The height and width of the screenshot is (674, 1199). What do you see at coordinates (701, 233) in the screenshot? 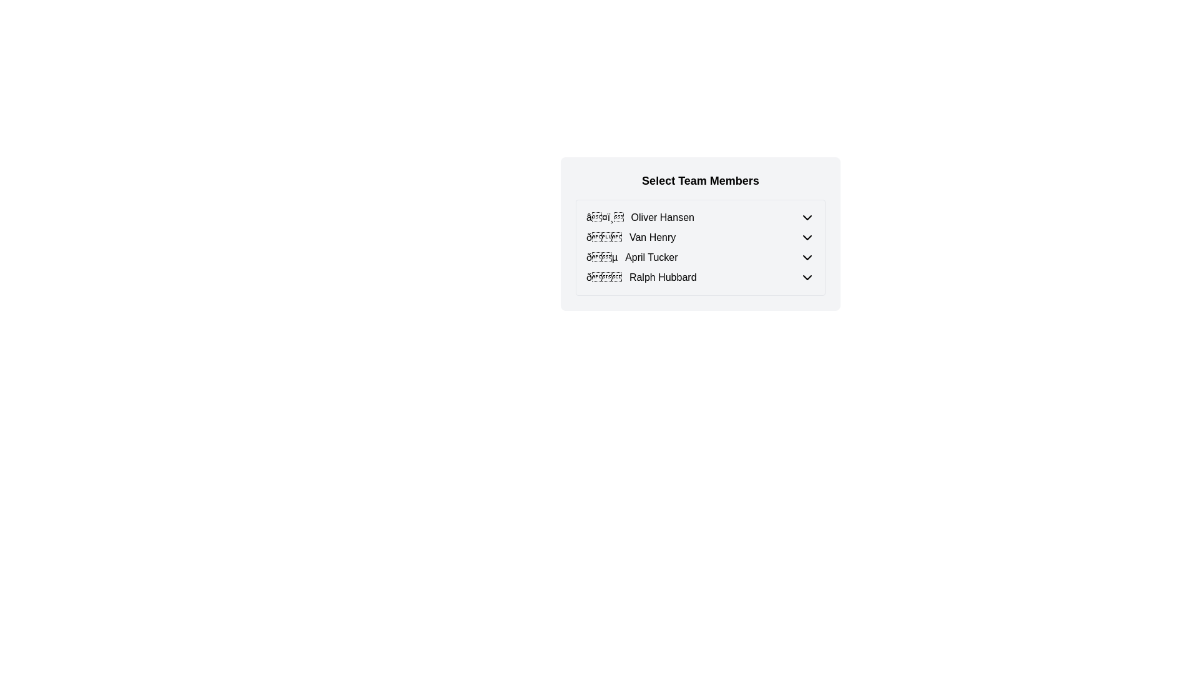
I see `the list item for 'Van Henry' to highlight or select the team member` at bounding box center [701, 233].